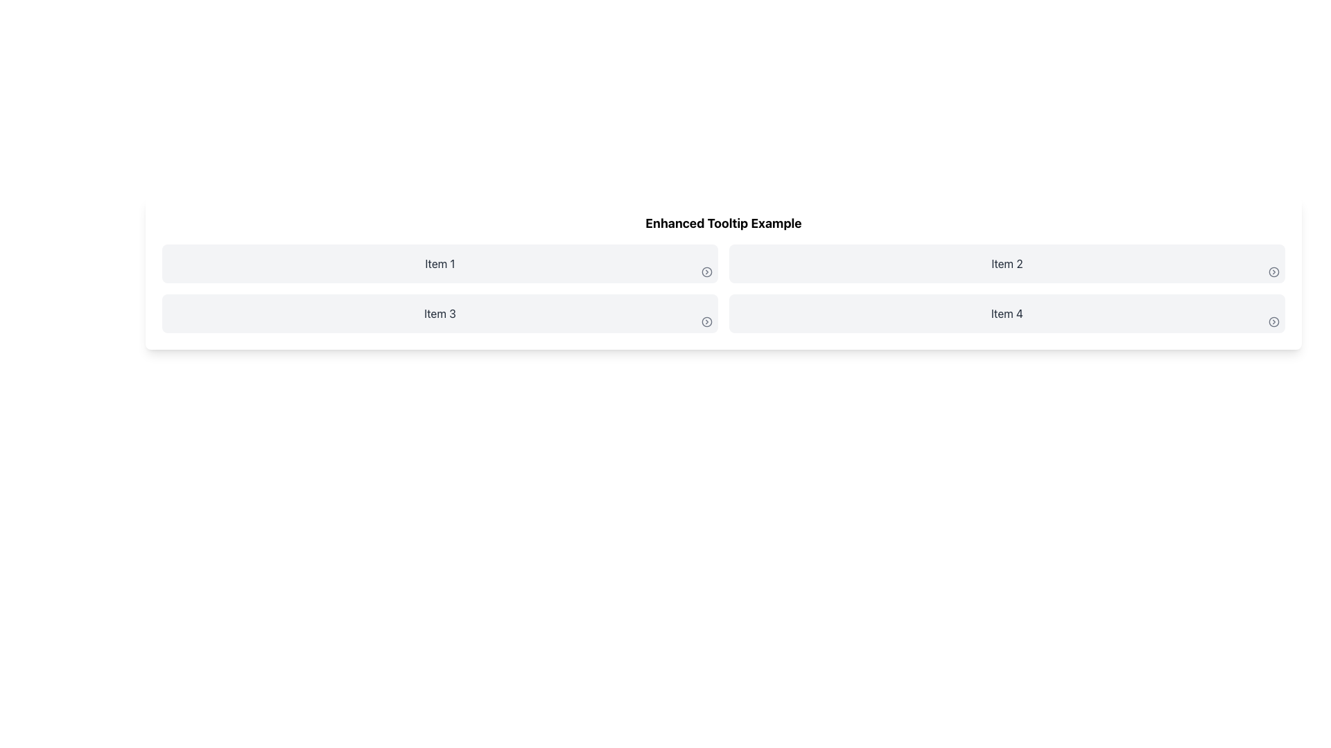 The height and width of the screenshot is (748, 1331). Describe the element at coordinates (706, 272) in the screenshot. I see `the area surrounding the circular graphic icon with a gray stroke outline, located in the top-right corner of the label 'Item 1'` at that location.